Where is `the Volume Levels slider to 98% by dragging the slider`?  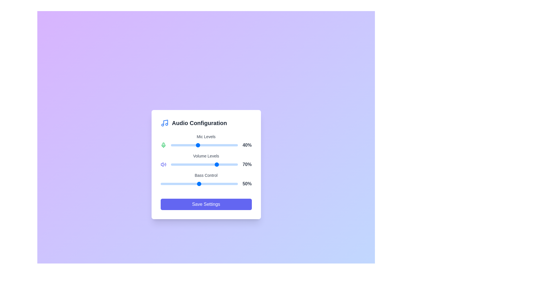
the Volume Levels slider to 98% by dragging the slider is located at coordinates (236, 164).